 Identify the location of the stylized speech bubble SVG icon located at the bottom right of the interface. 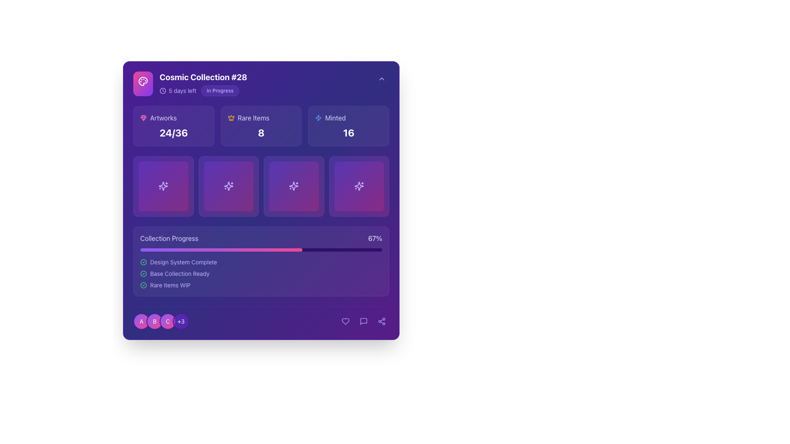
(363, 321).